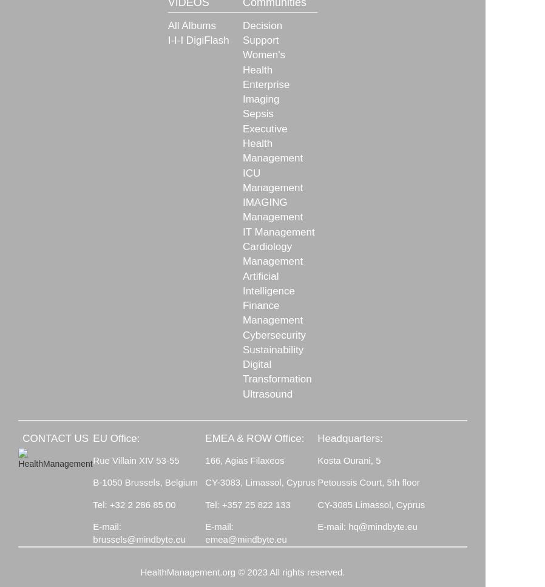  What do you see at coordinates (272, 348) in the screenshot?
I see `'Sustainability'` at bounding box center [272, 348].